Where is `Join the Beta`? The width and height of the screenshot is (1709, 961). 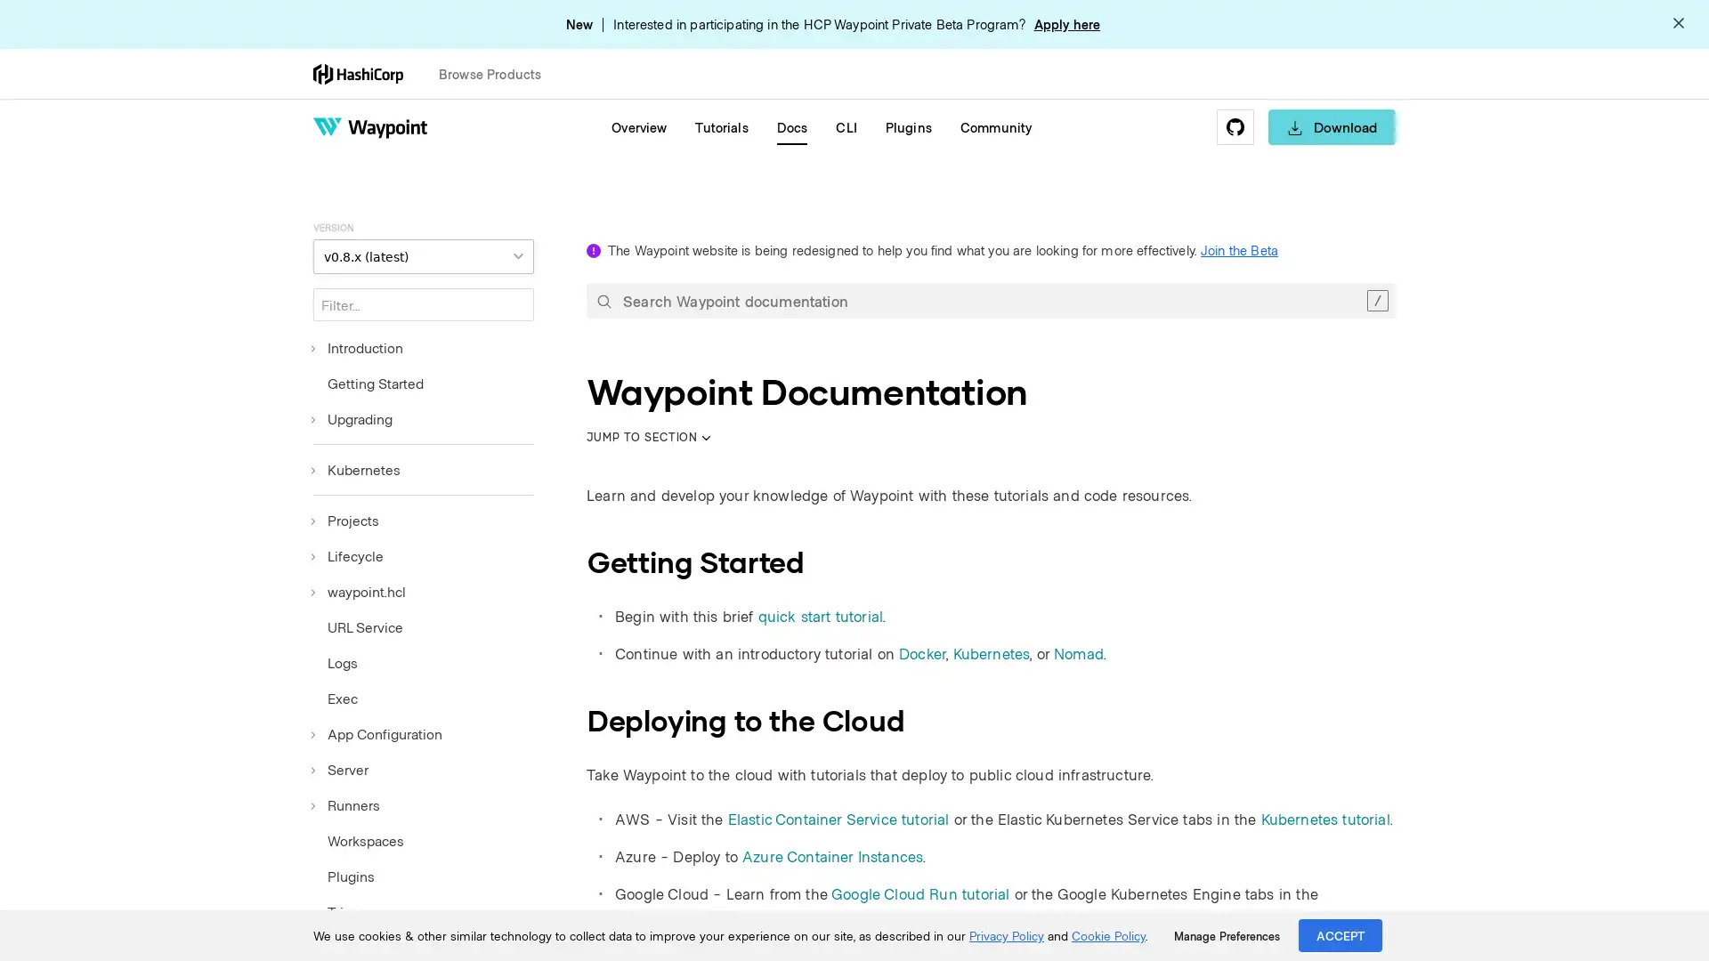 Join the Beta is located at coordinates (1238, 250).